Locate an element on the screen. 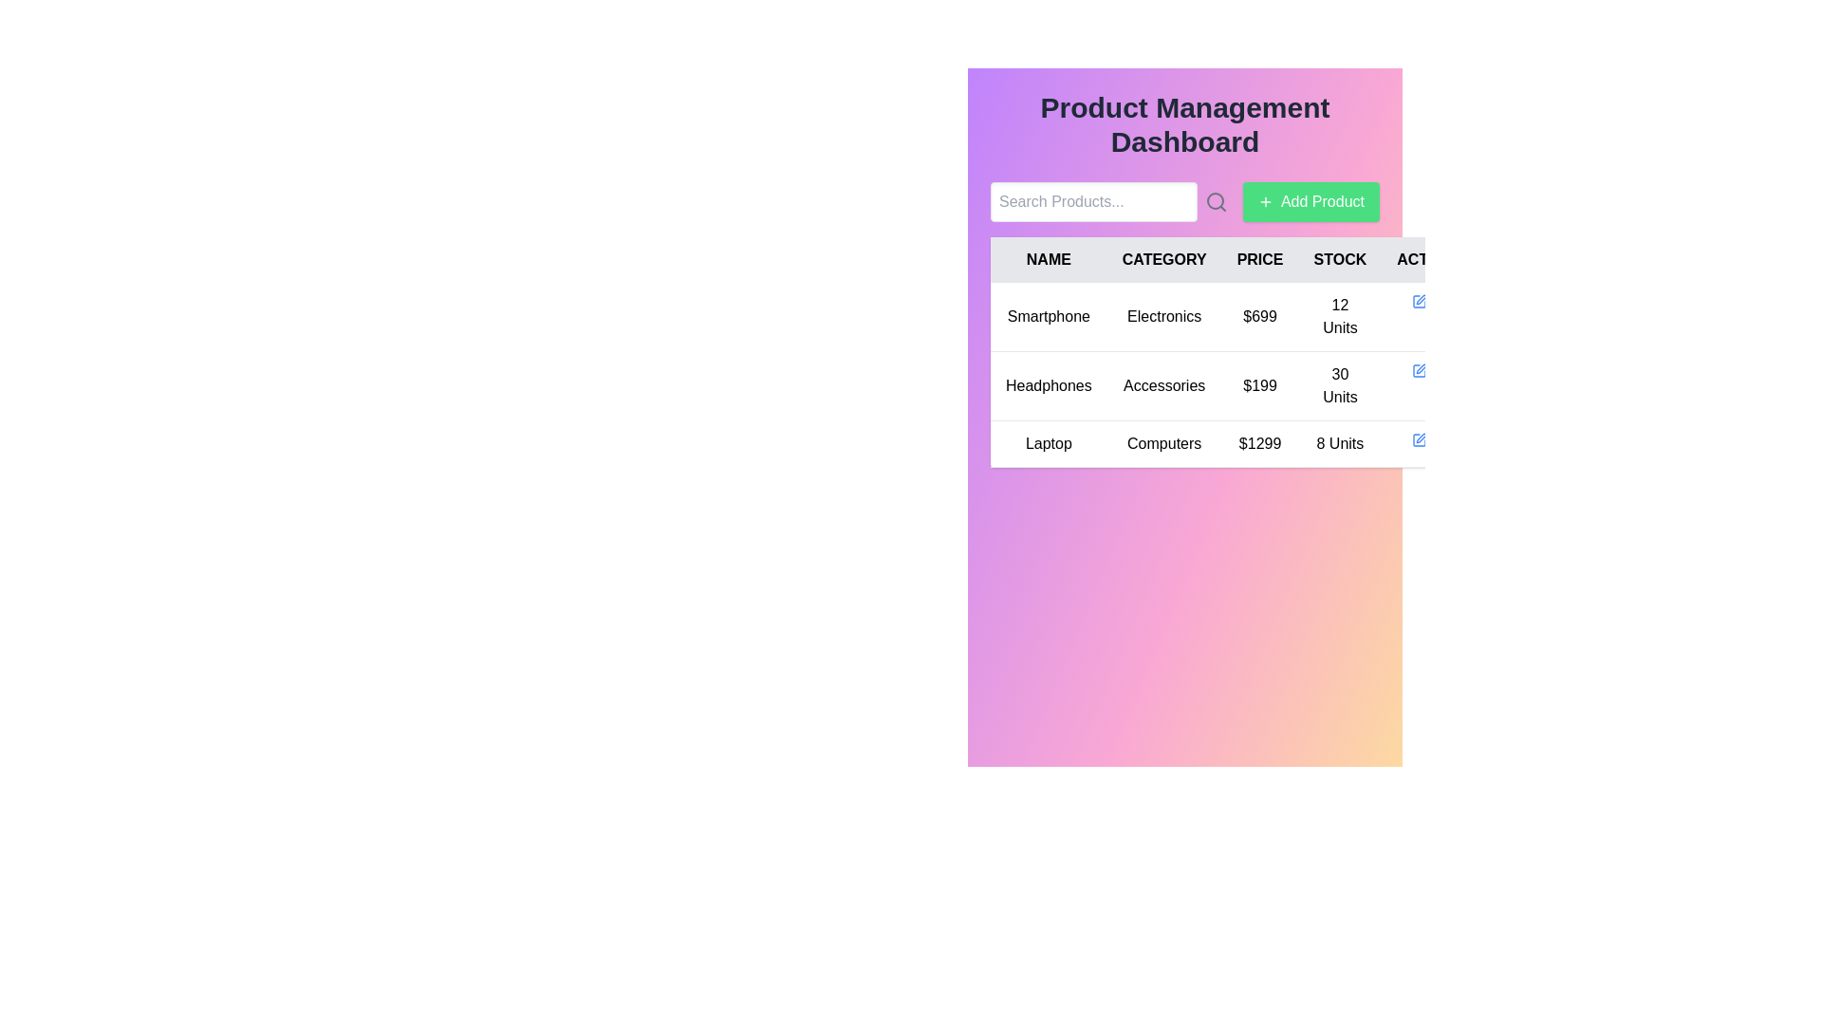 This screenshot has height=1025, width=1822. the magnifying icon located at the right edge of the search input field is located at coordinates (1109, 201).